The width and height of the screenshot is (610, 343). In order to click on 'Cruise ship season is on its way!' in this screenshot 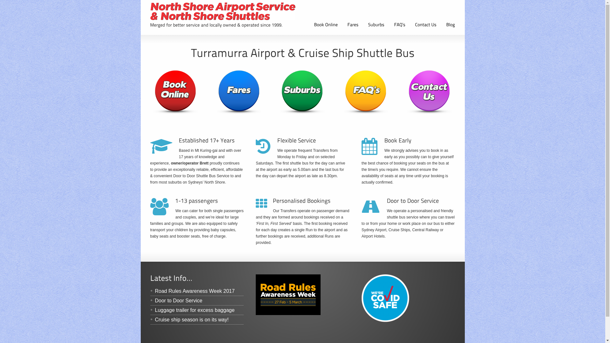, I will do `click(189, 319)`.